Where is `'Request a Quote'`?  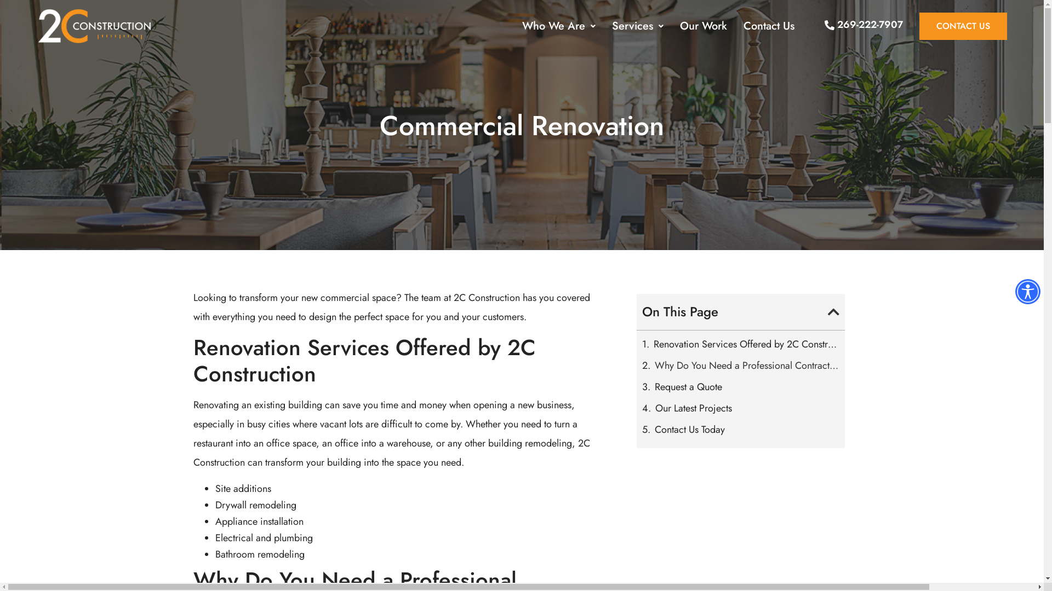
'Request a Quote' is located at coordinates (688, 386).